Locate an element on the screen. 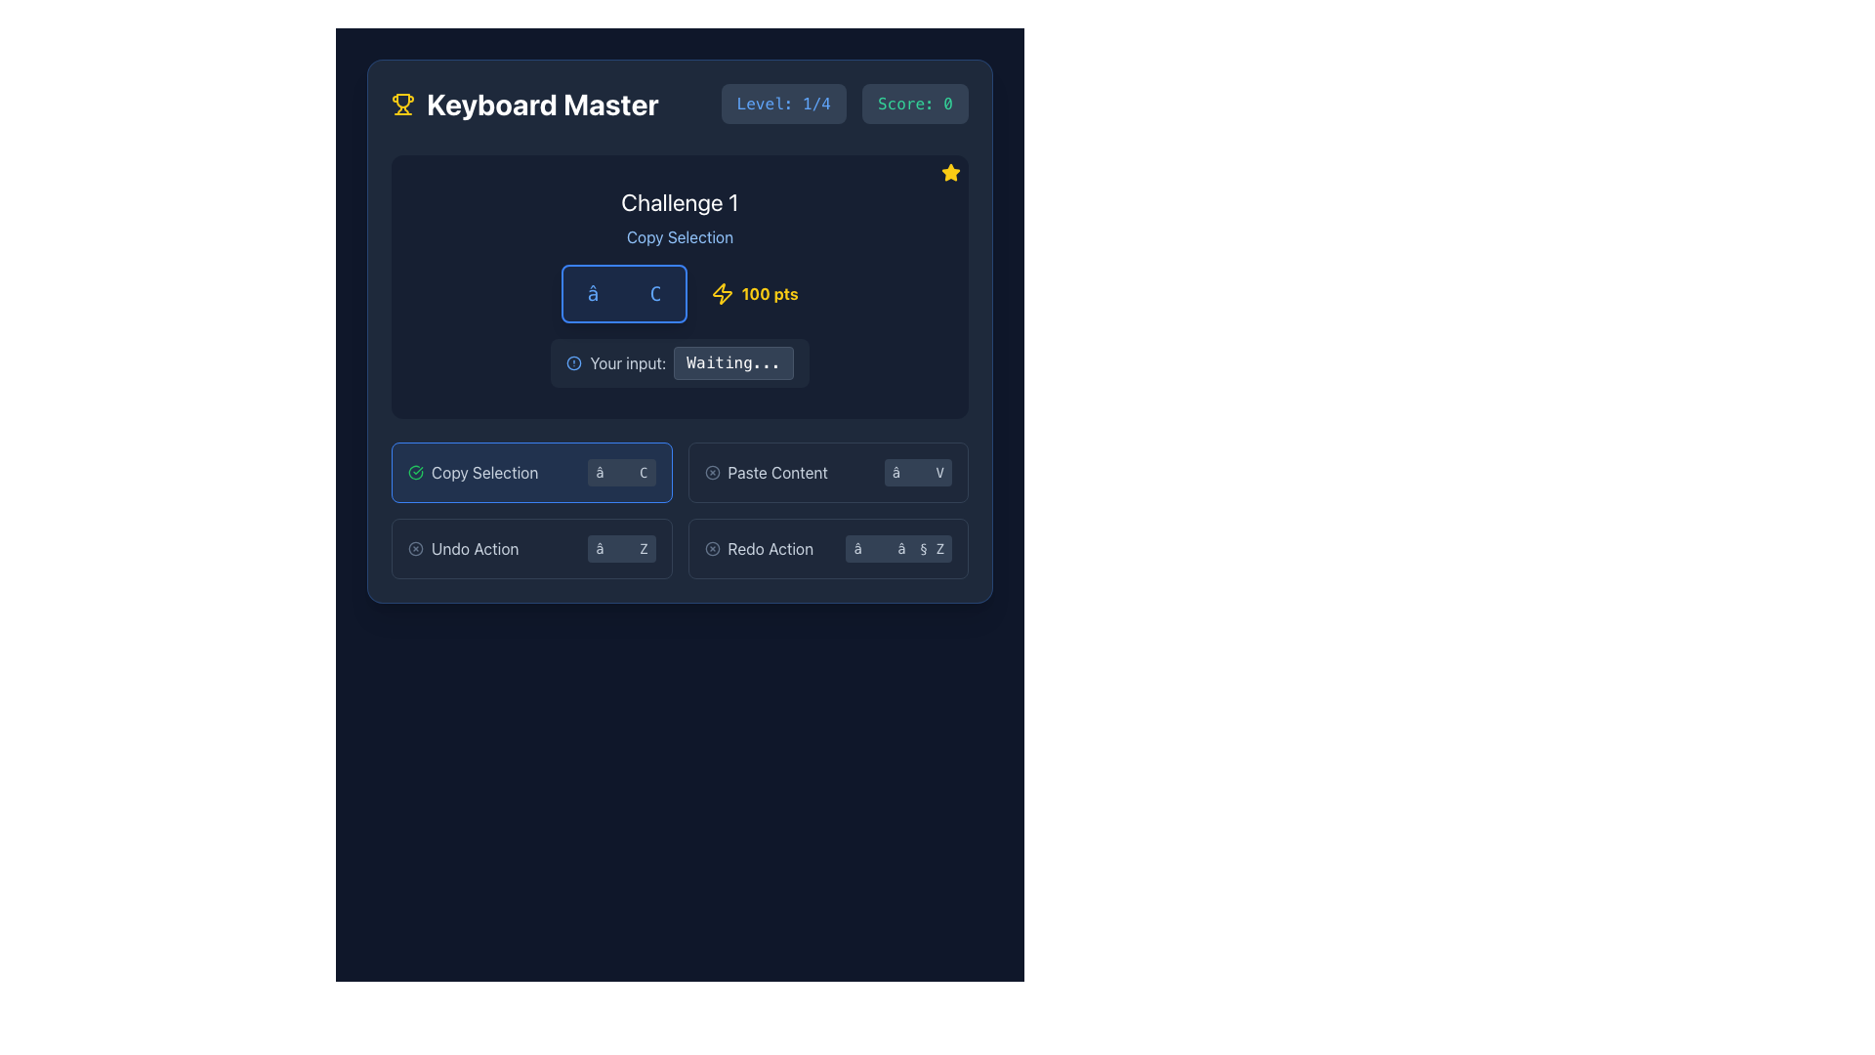  the circular slate-gray icon with an 'X' symbol is located at coordinates (711, 549).